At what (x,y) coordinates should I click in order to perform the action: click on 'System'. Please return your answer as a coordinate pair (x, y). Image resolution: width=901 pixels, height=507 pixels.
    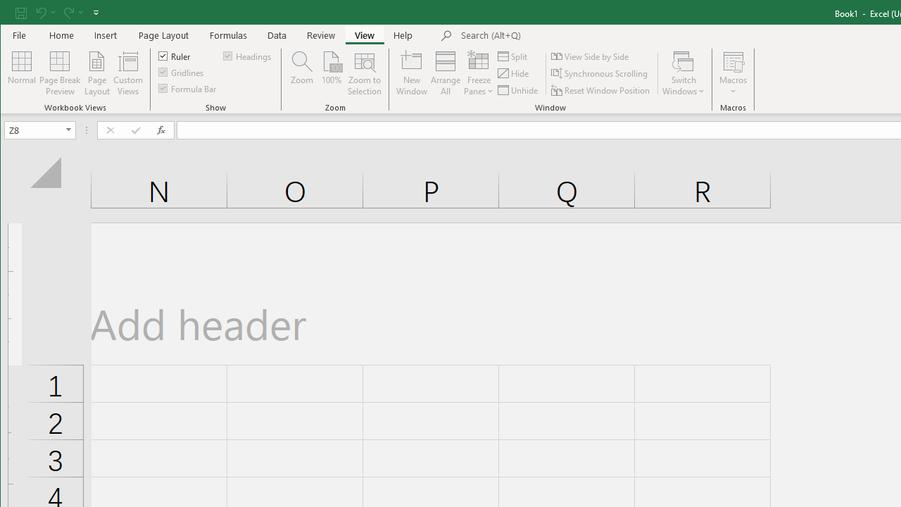
    Looking at the image, I should click on (13, 13).